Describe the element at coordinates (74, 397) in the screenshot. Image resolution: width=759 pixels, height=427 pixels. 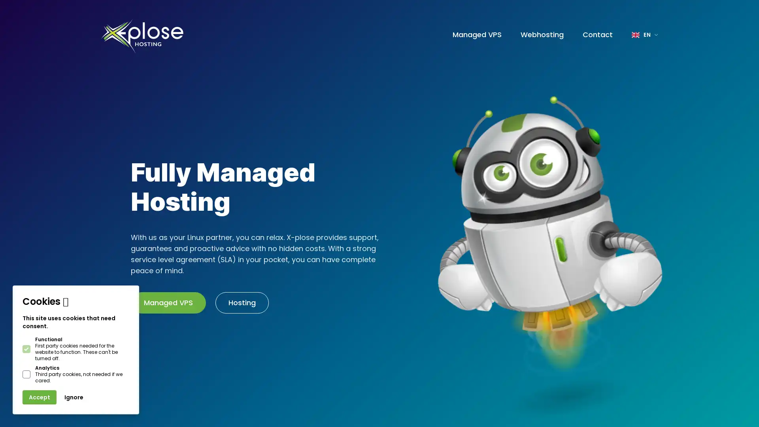
I see `Ignore` at that location.